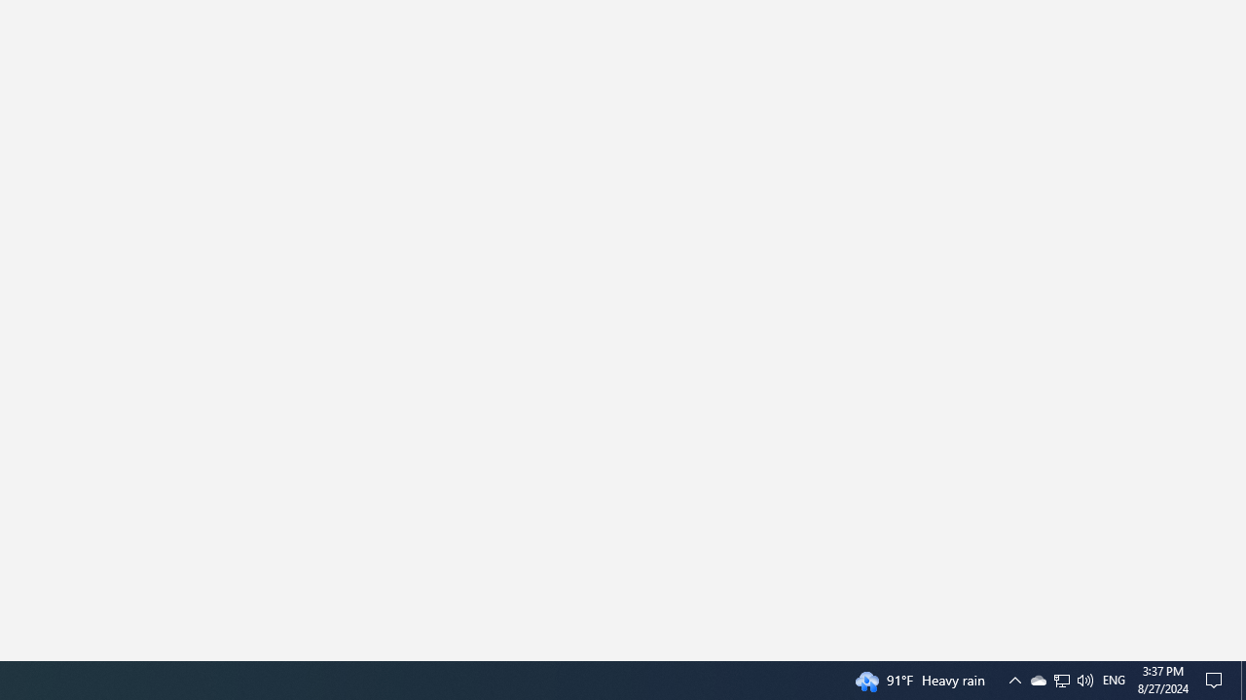 The height and width of the screenshot is (700, 1246). I want to click on 'Tray Input Indicator - English (United States)', so click(1114, 679).